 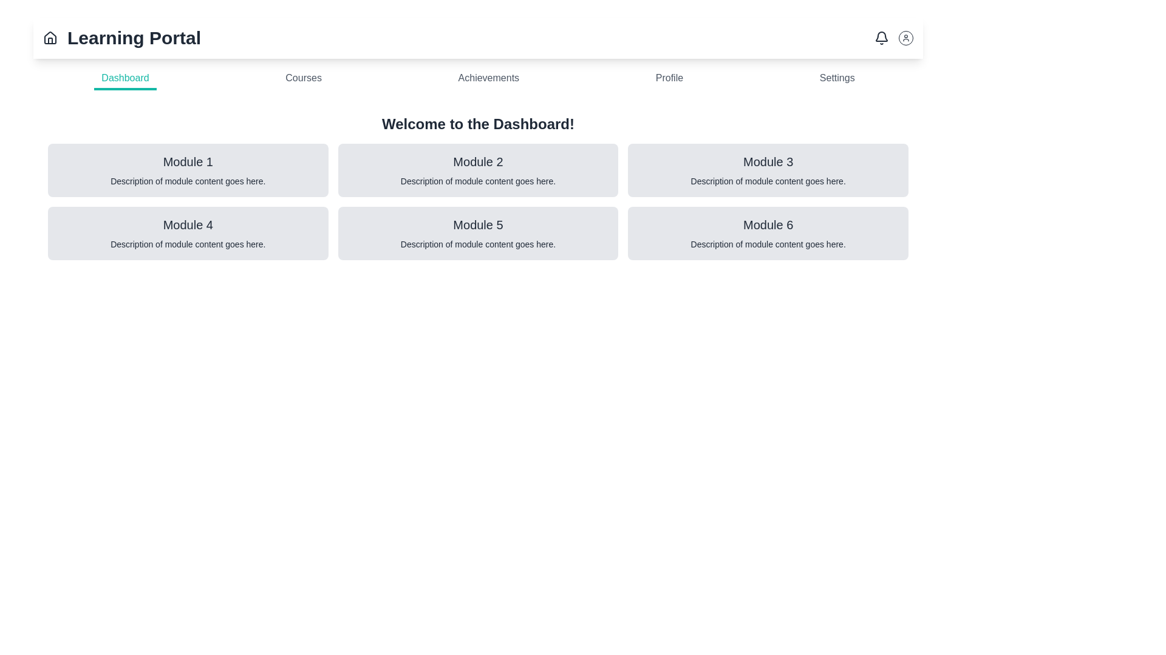 I want to click on the informational static text label that describes 'Module 5', located in the second row of the grid layout beneath the 'Module 5' title, so click(x=477, y=244).